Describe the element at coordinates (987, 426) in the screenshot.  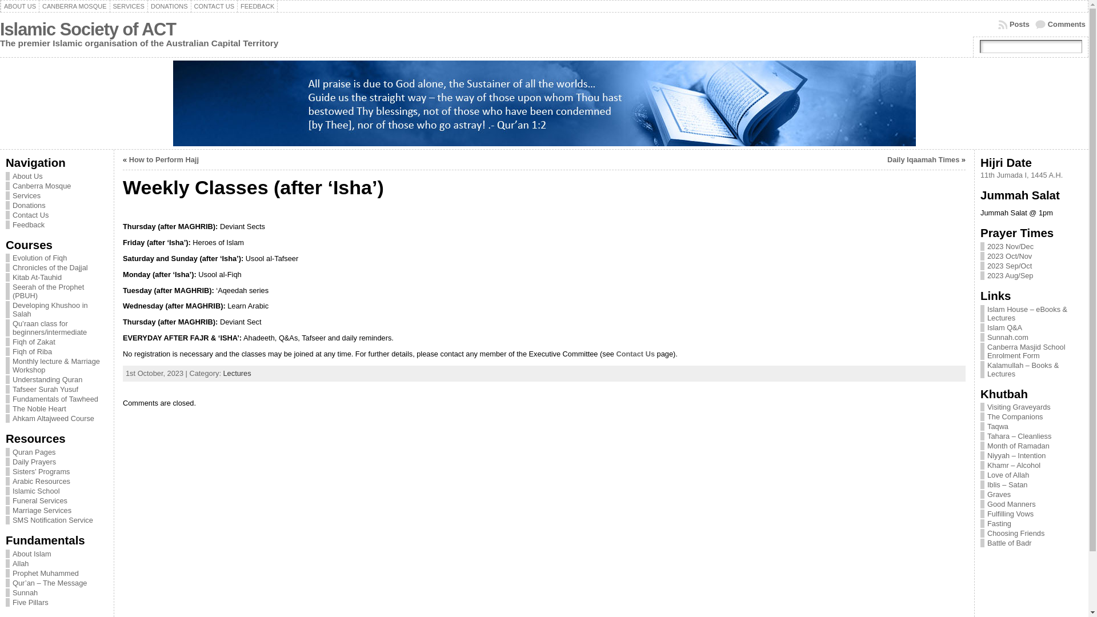
I see `'Taqwa'` at that location.